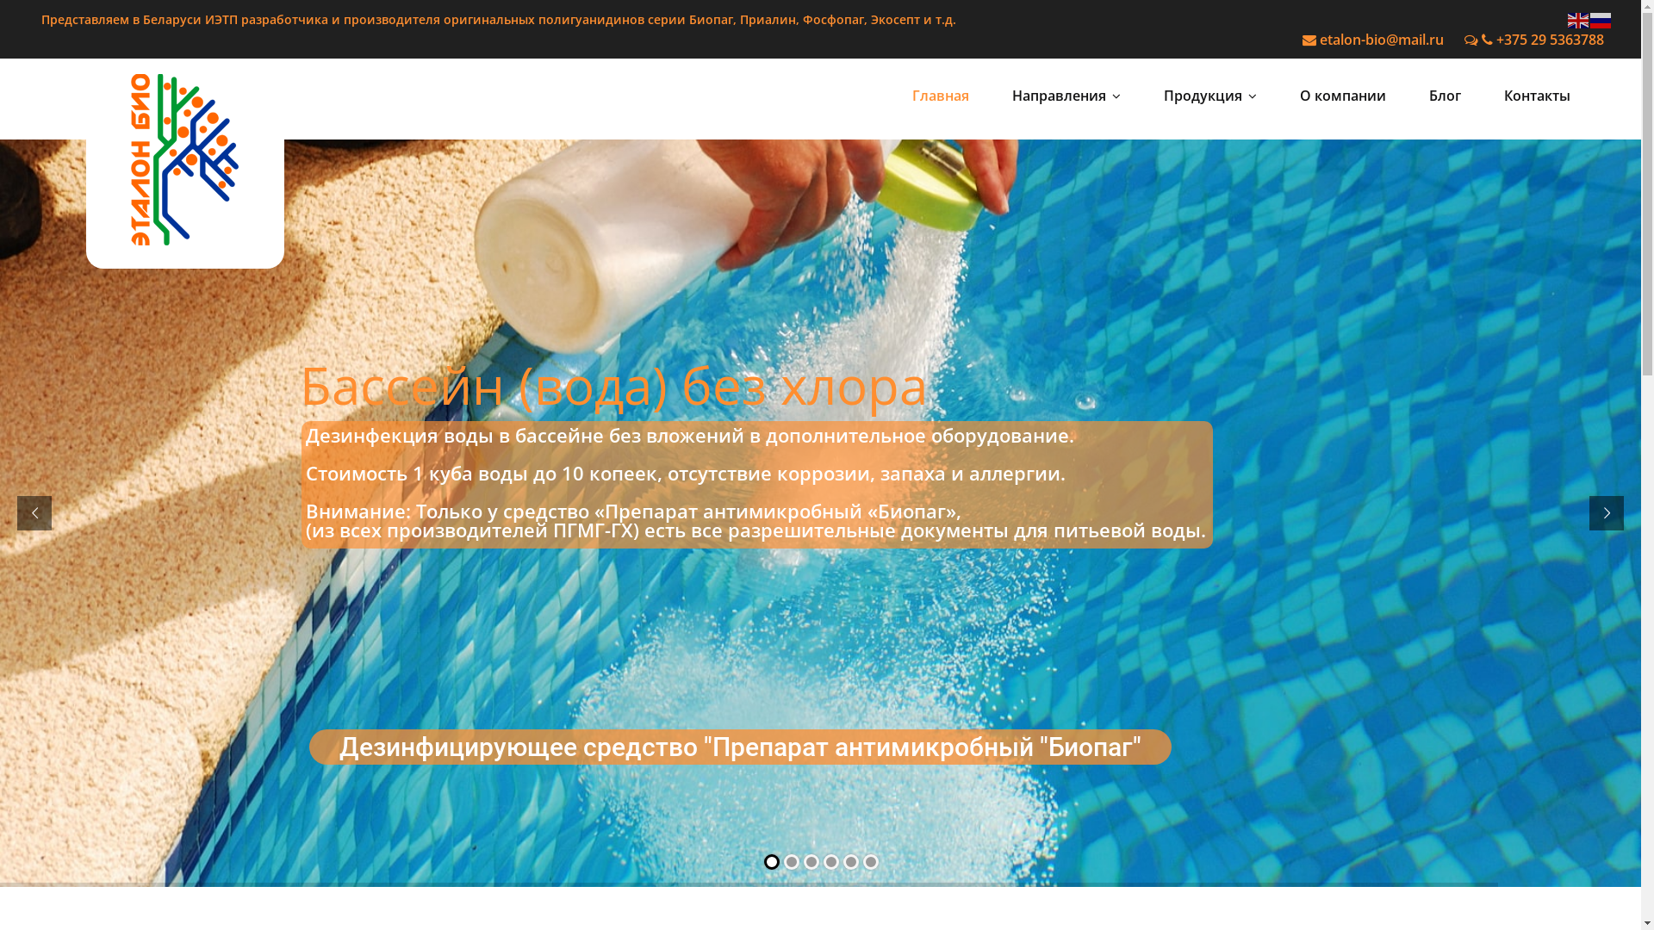  What do you see at coordinates (1589, 19) in the screenshot?
I see `'Russian'` at bounding box center [1589, 19].